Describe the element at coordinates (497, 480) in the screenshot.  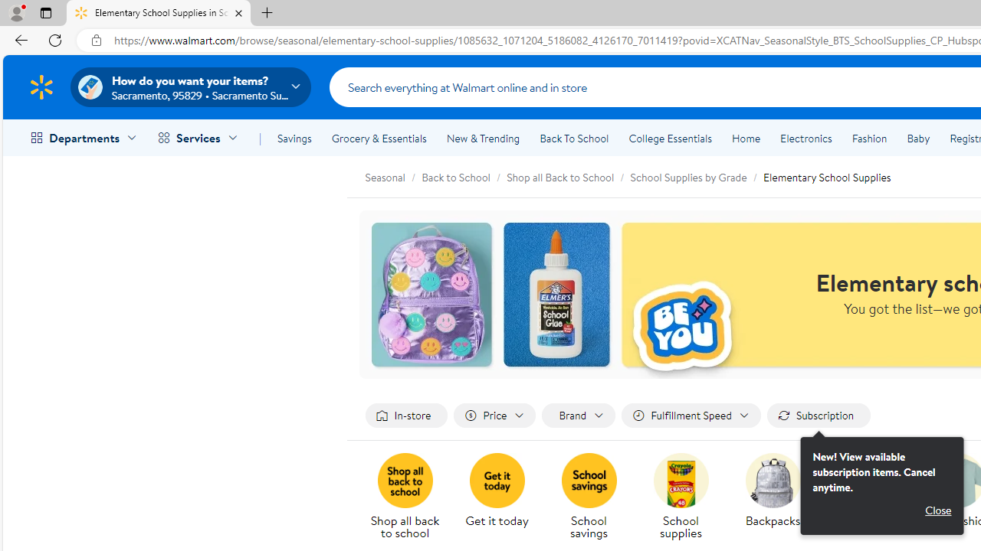
I see `'Get it today'` at that location.